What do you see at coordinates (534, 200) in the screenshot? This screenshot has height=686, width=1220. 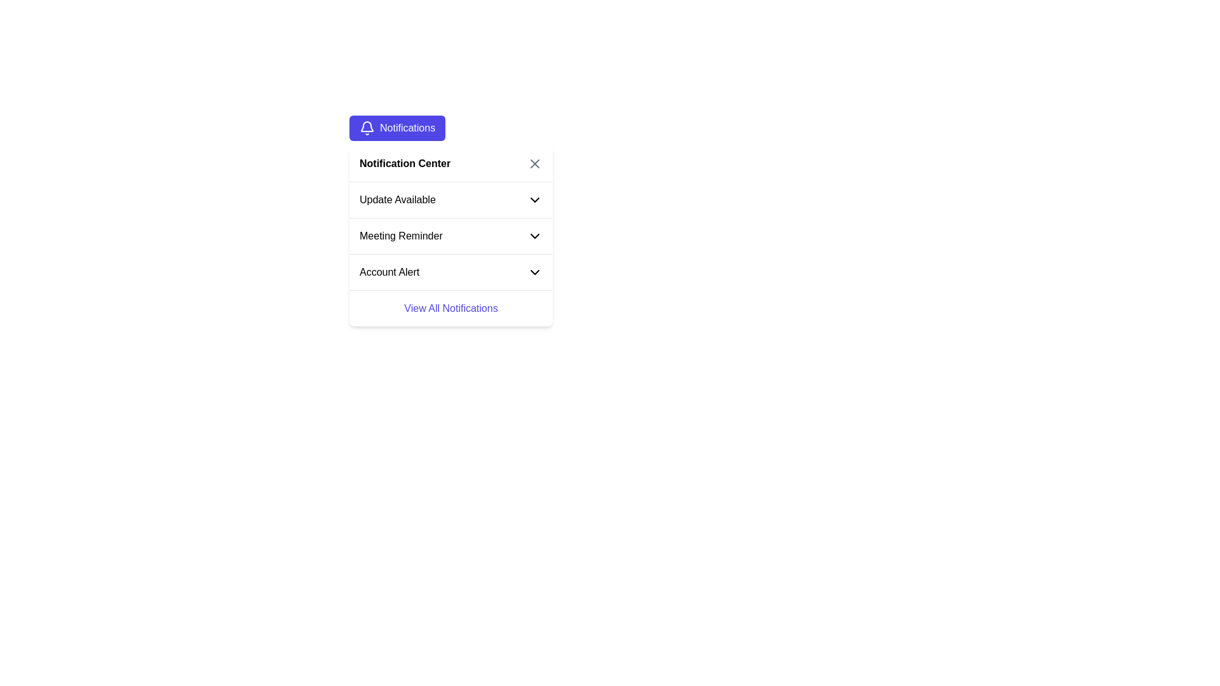 I see `the dropdown toggle icon located in the 'Update Available' section of the notification dropdown interface` at bounding box center [534, 200].